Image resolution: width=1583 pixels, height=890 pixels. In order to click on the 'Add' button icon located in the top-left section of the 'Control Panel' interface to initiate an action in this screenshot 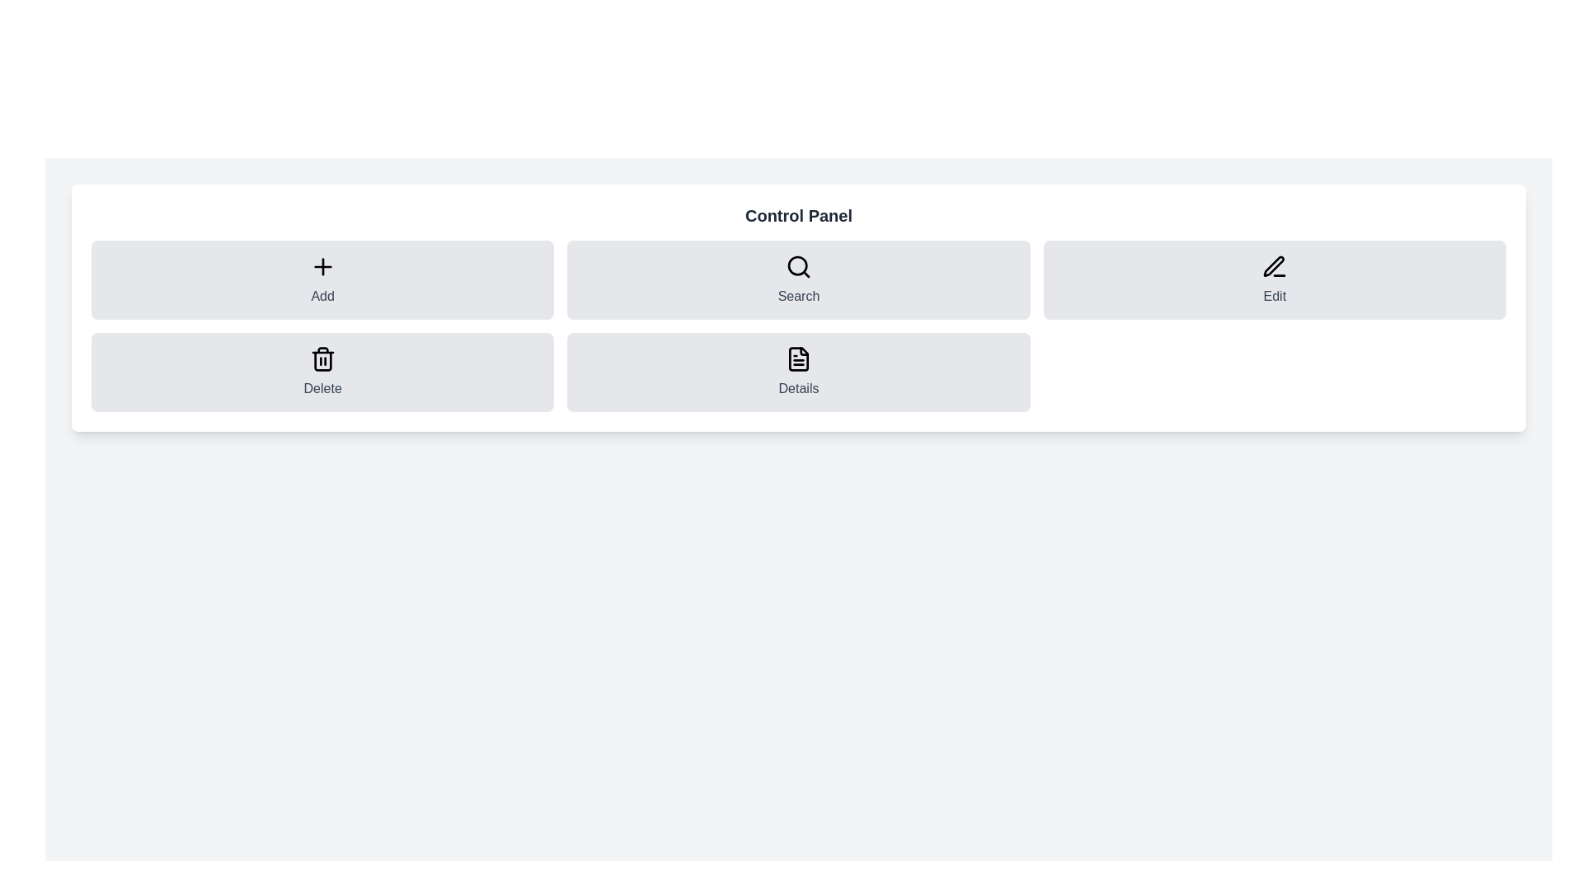, I will do `click(322, 266)`.